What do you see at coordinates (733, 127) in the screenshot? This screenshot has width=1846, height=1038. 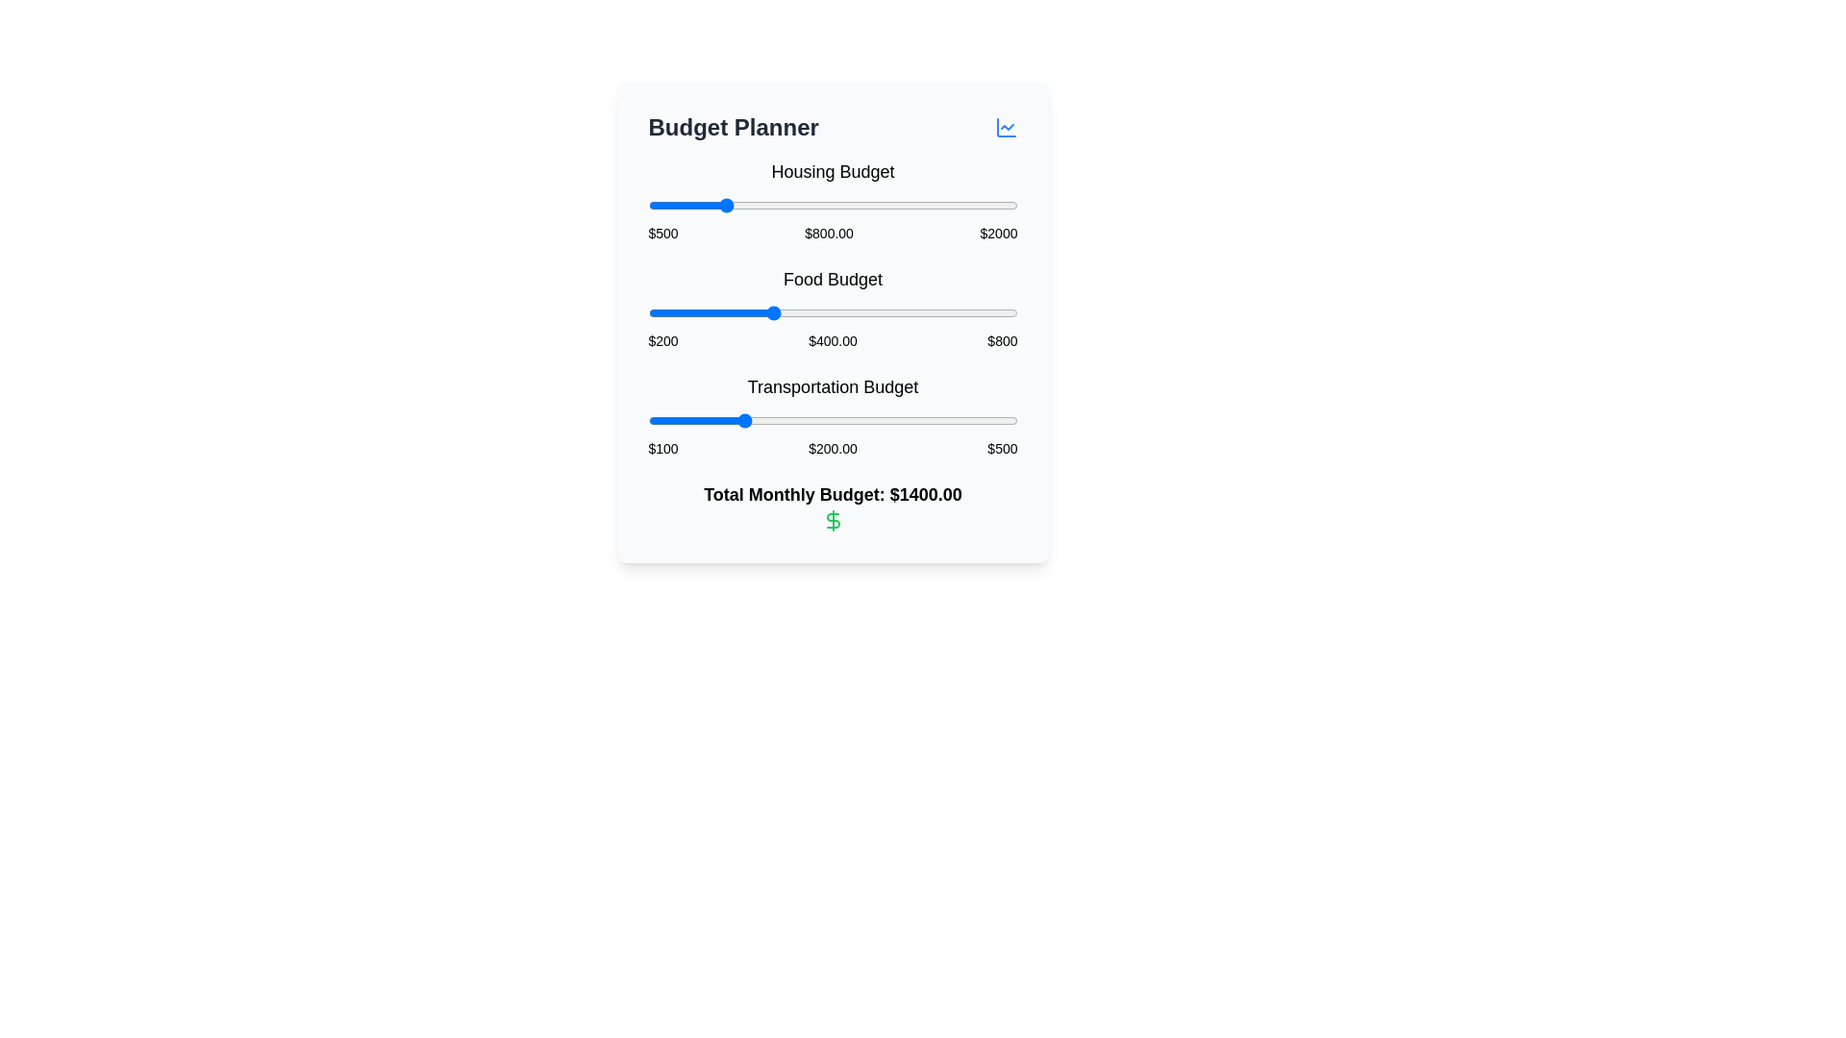 I see `the 'Budget Planner' text label, which is styled with bold, extra-large font in deep gray and is prominently displayed near the top of the interface` at bounding box center [733, 127].